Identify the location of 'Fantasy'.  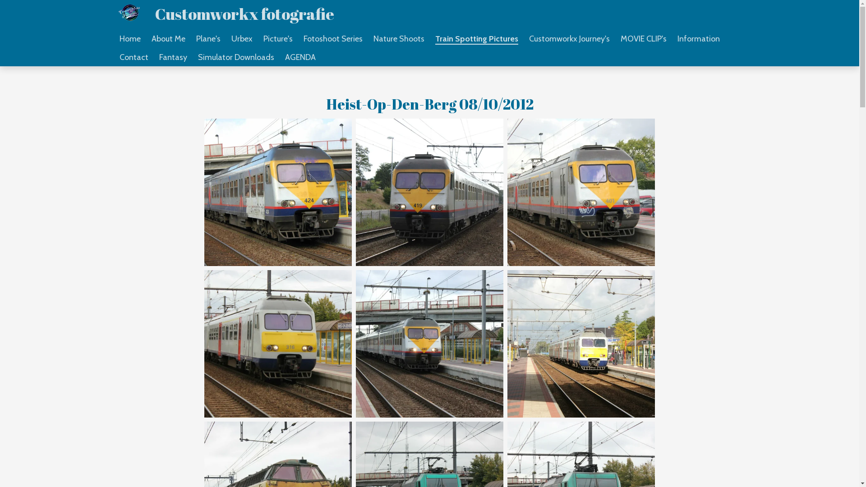
(173, 57).